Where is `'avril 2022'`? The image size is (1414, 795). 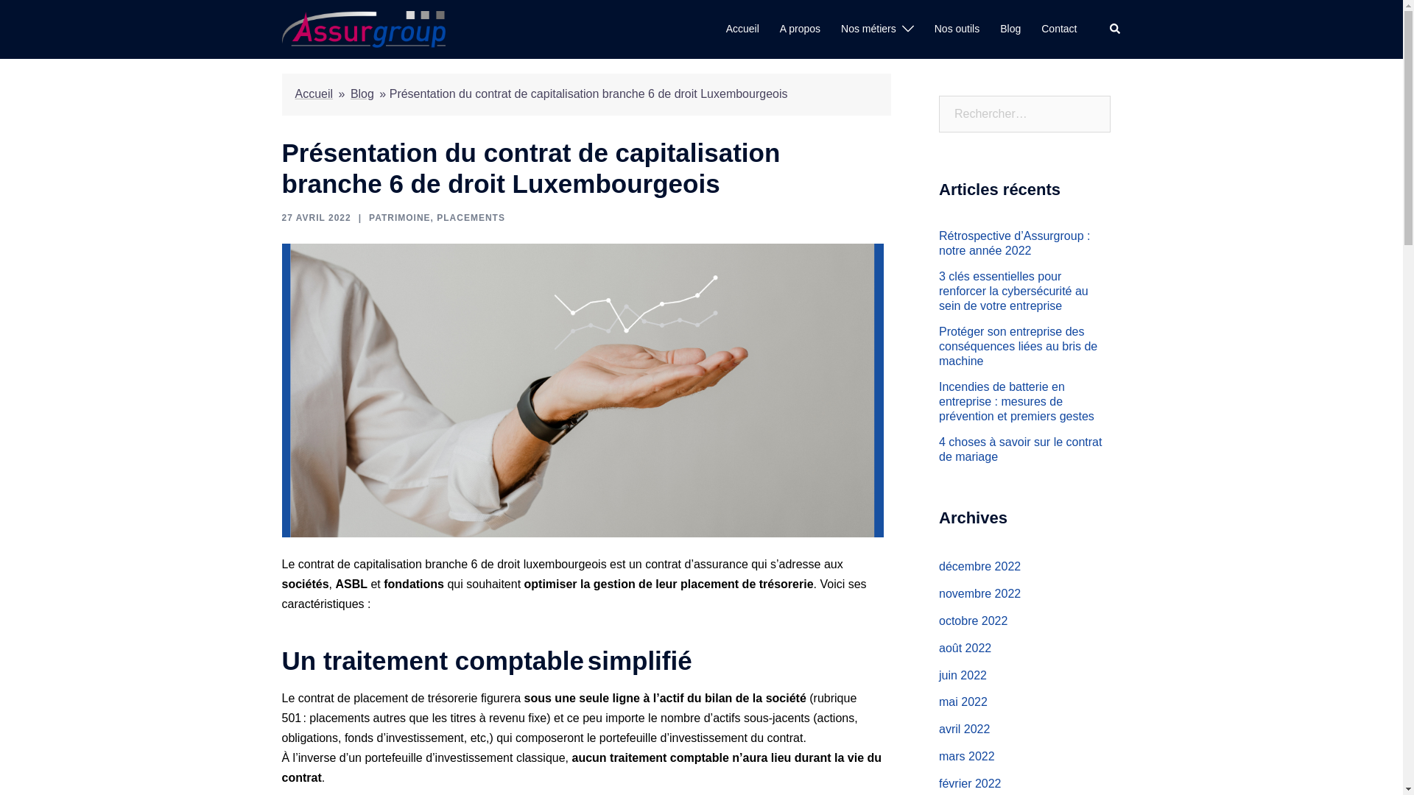
'avril 2022' is located at coordinates (964, 729).